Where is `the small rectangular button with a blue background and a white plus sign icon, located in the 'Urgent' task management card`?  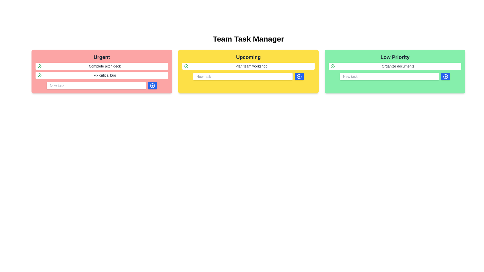 the small rectangular button with a blue background and a white plus sign icon, located in the 'Urgent' task management card is located at coordinates (152, 85).